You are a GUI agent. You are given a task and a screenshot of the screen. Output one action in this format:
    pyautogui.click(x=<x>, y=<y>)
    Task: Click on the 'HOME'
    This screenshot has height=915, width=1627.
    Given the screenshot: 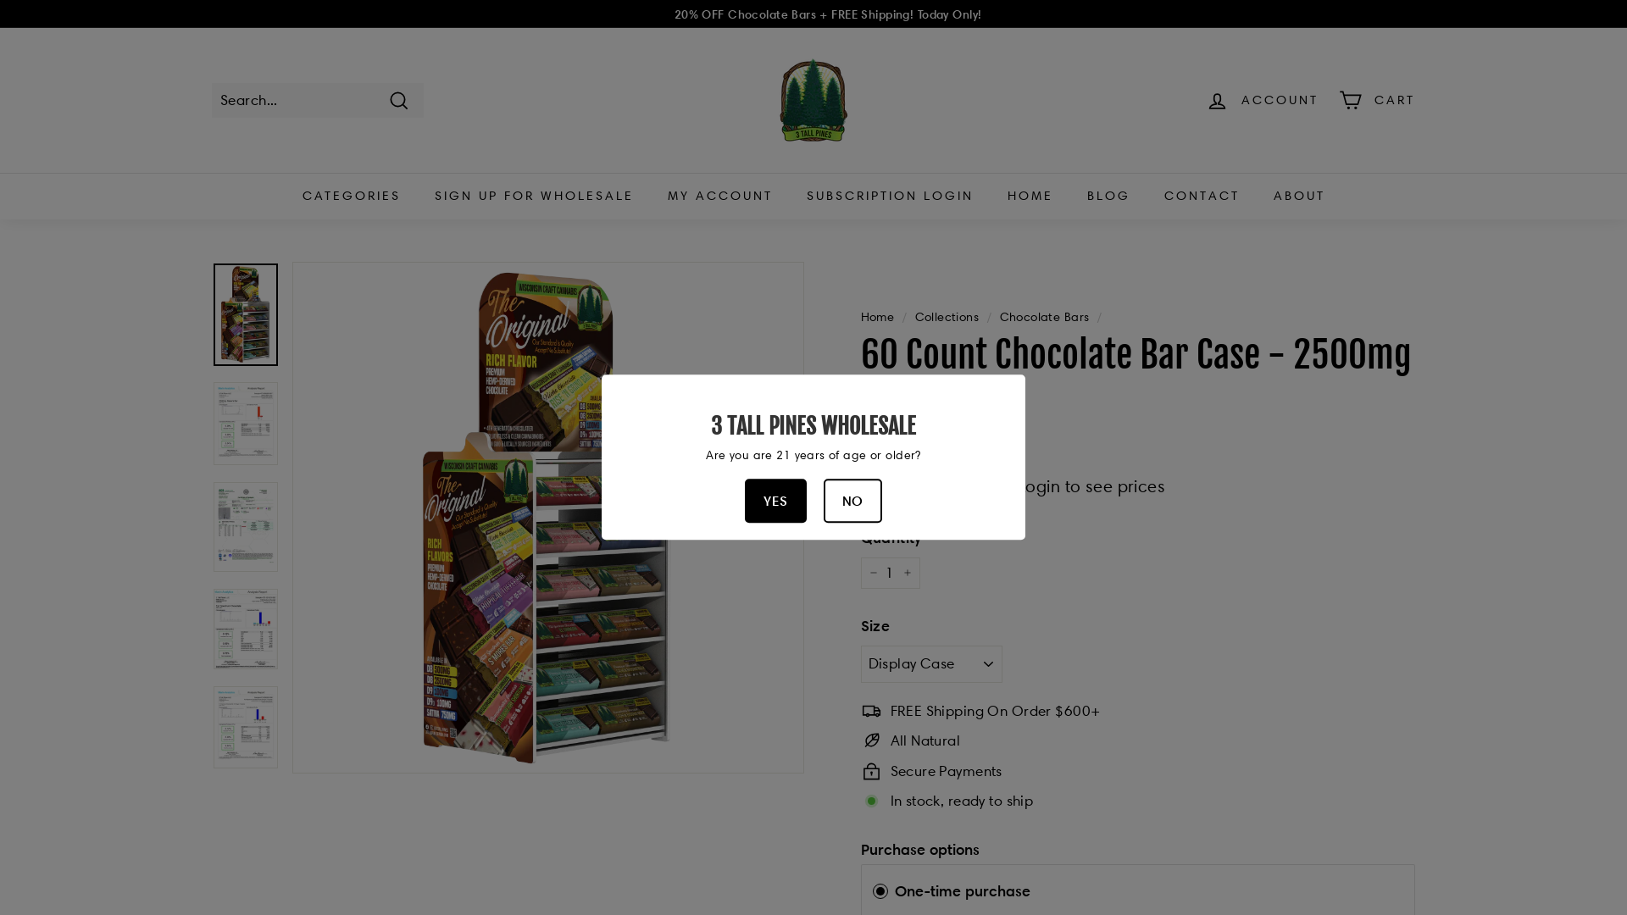 What is the action you would take?
    pyautogui.click(x=1028, y=195)
    